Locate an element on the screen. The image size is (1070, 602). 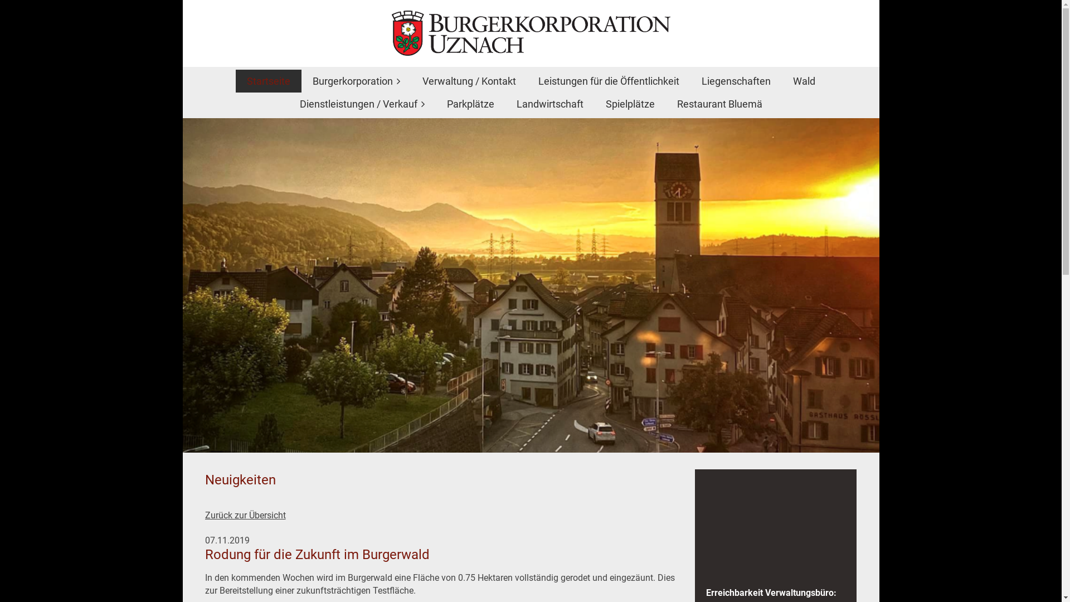
'Landwirtschaft' is located at coordinates (549, 104).